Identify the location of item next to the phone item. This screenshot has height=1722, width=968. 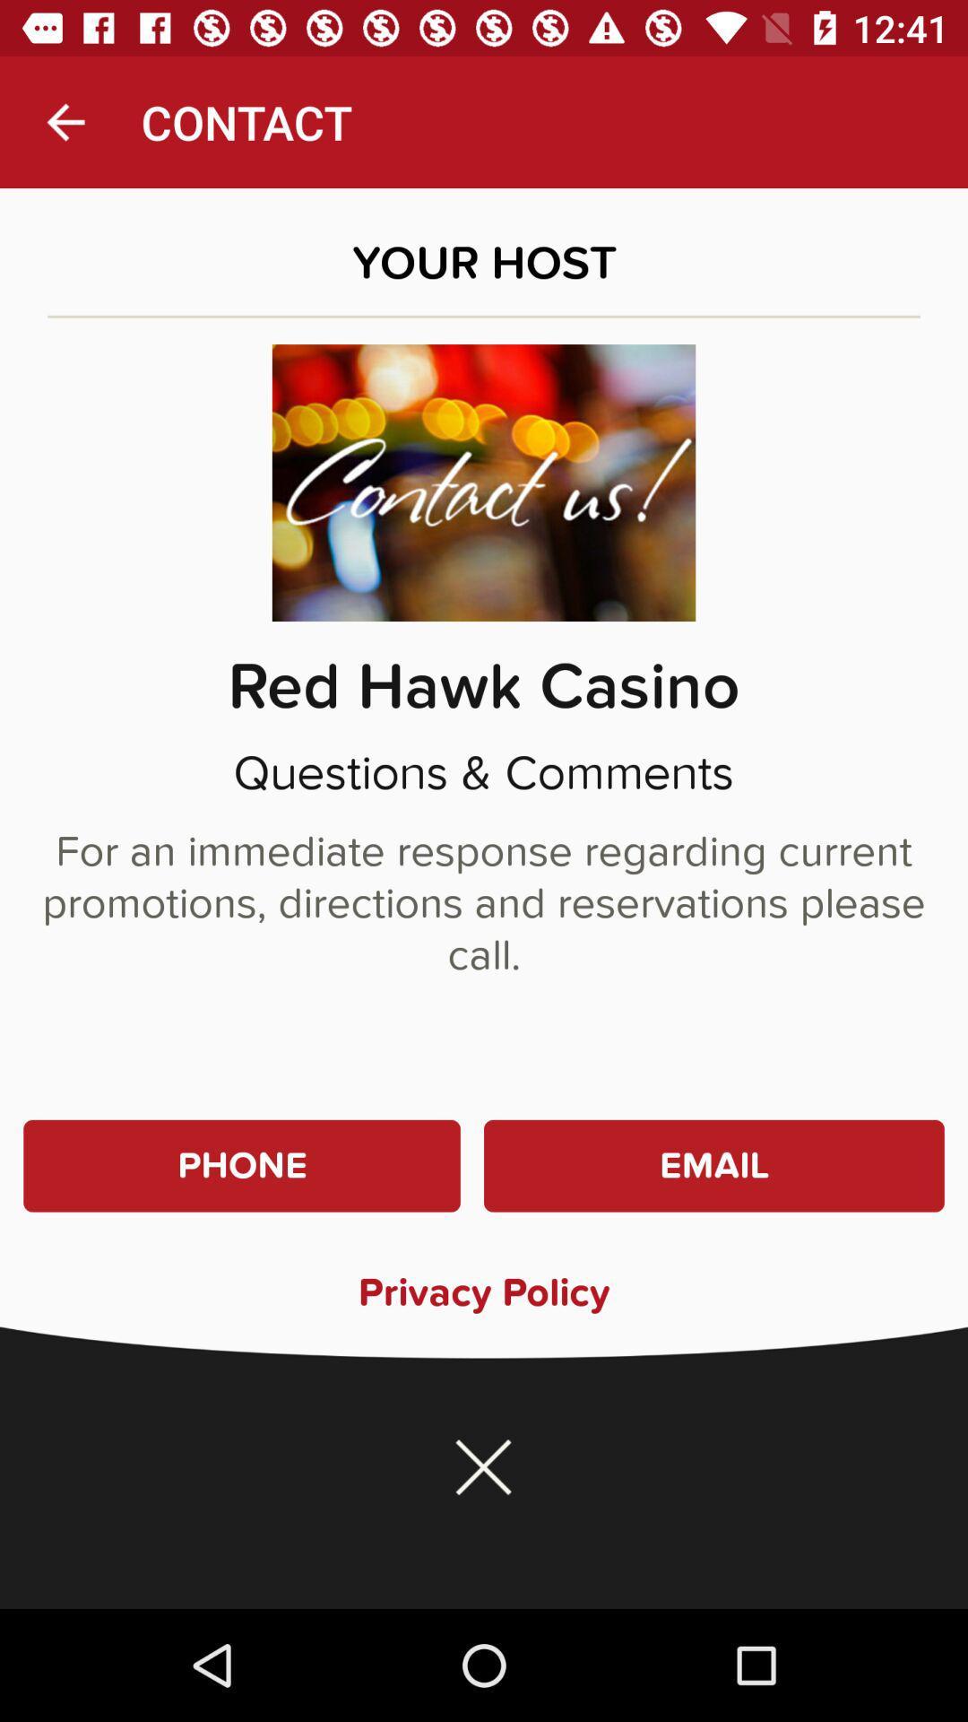
(713, 1166).